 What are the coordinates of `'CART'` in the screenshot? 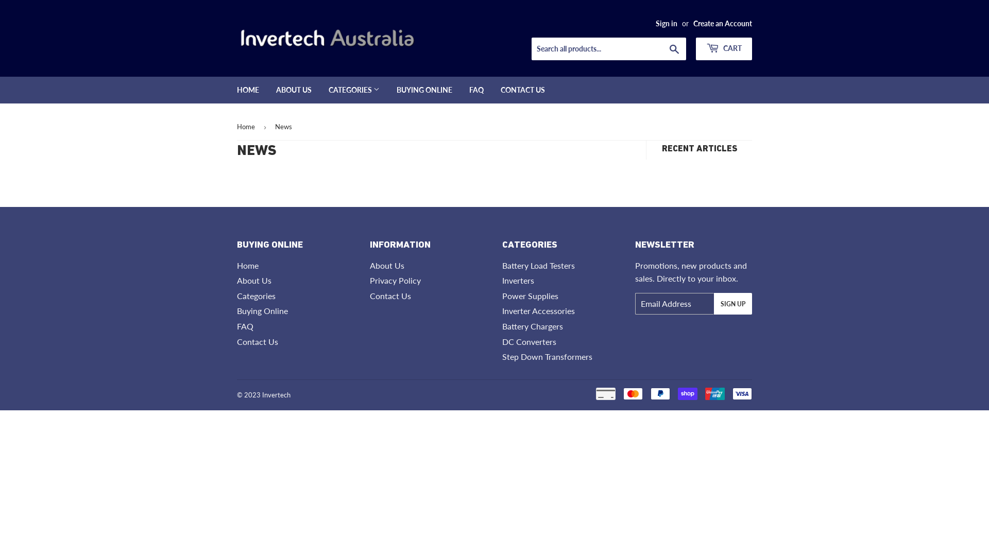 It's located at (723, 49).